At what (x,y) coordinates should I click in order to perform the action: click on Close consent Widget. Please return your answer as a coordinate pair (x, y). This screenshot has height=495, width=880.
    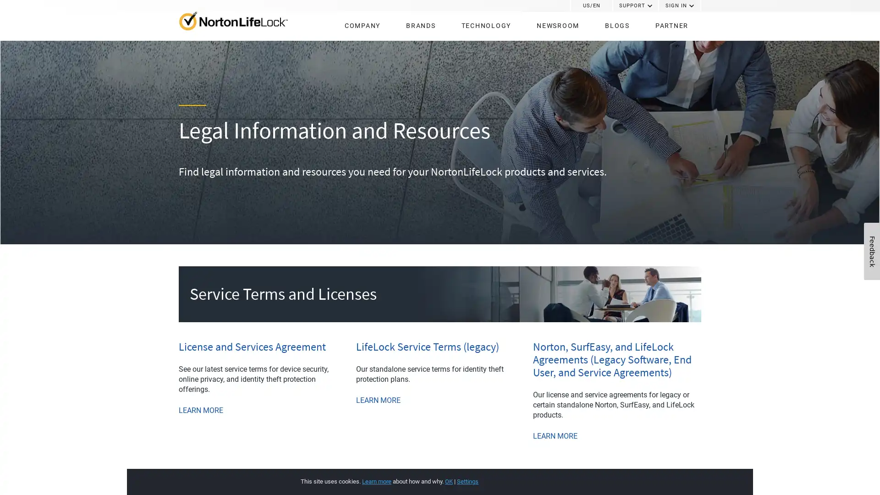
    Looking at the image, I should click on (680, 472).